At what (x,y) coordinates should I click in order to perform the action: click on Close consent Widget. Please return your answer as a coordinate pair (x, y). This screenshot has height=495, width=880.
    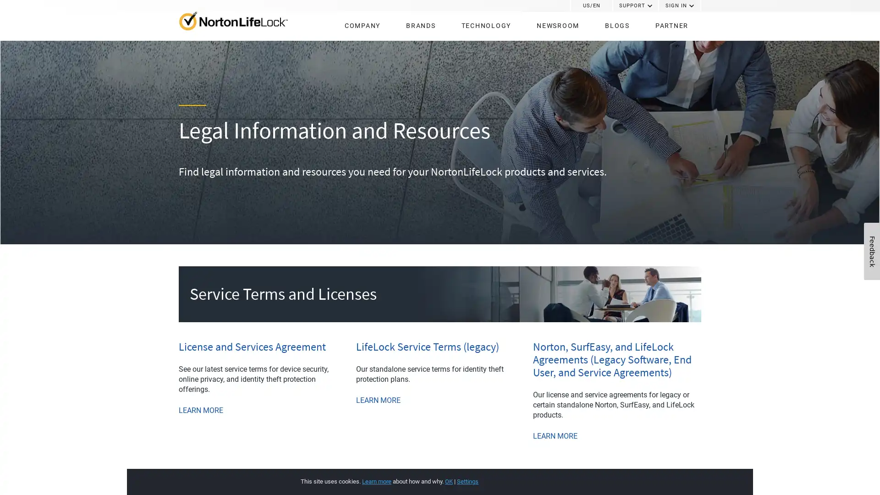
    Looking at the image, I should click on (680, 472).